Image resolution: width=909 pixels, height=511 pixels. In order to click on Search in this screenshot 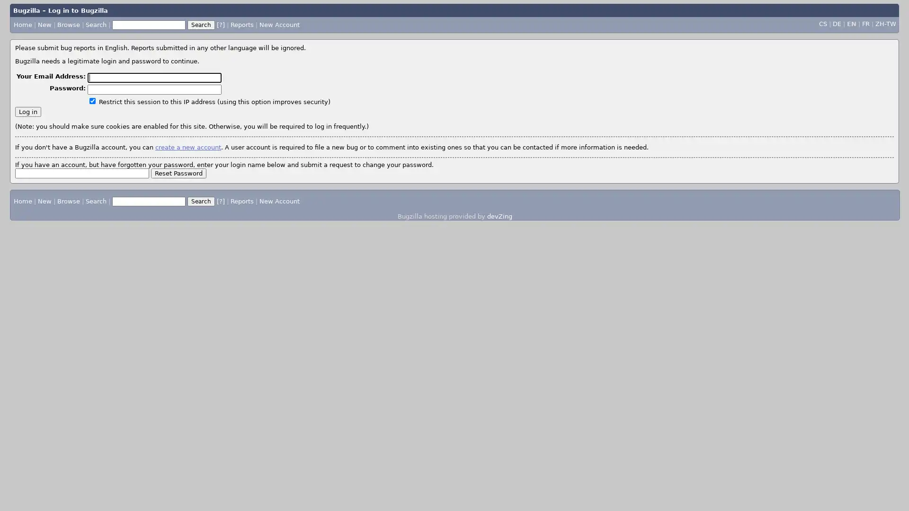, I will do `click(200, 24)`.